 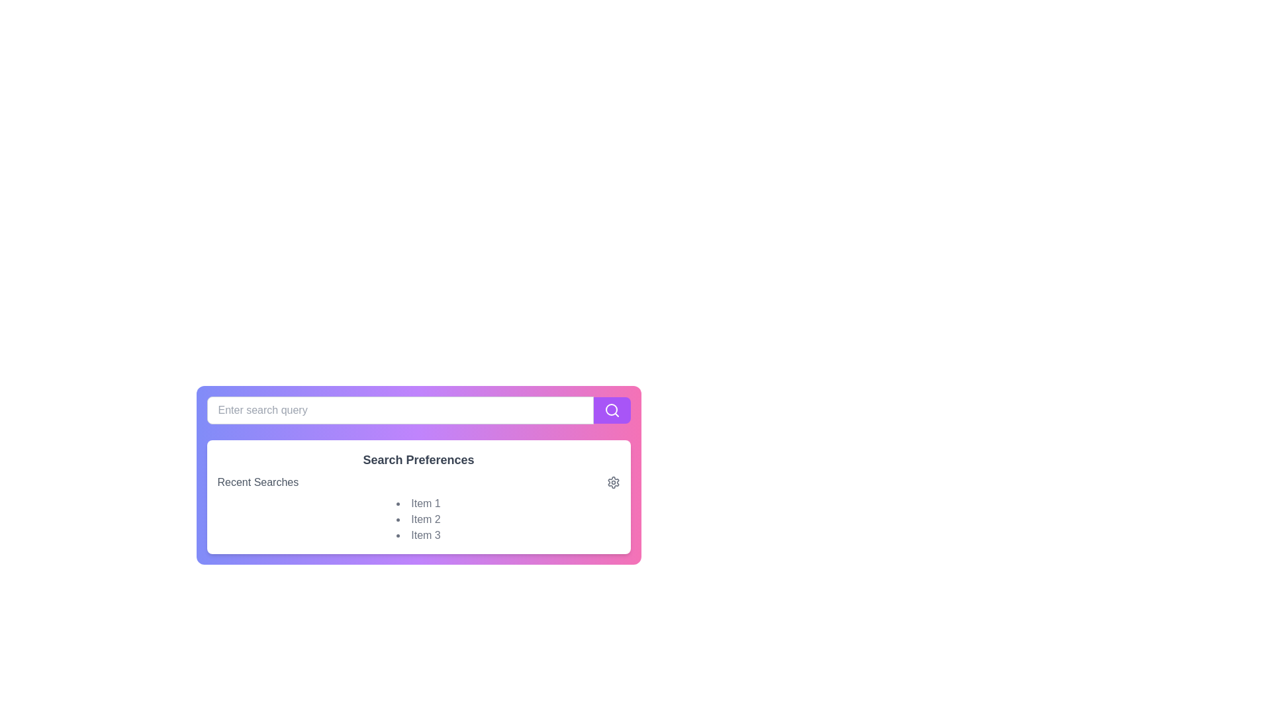 I want to click on the cog-shaped settings icon located at the bottom-right corner of the interface within the 'Search Preferences' section, so click(x=612, y=483).